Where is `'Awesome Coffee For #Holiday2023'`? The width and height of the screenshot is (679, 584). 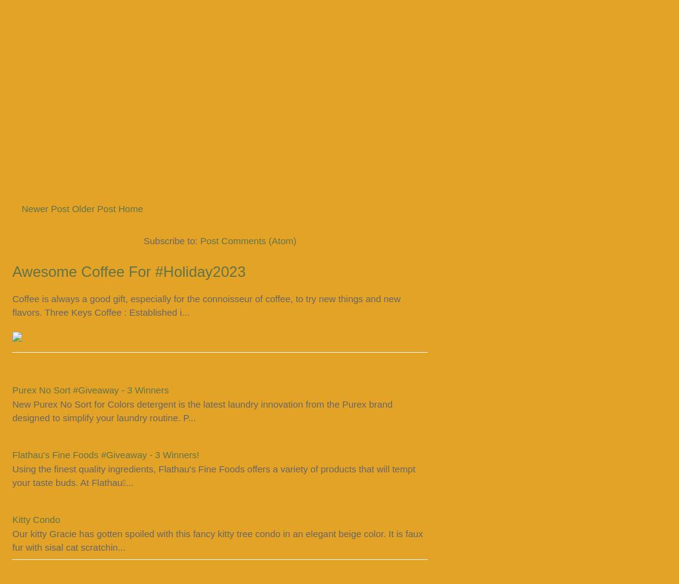 'Awesome Coffee For #Holiday2023' is located at coordinates (129, 271).